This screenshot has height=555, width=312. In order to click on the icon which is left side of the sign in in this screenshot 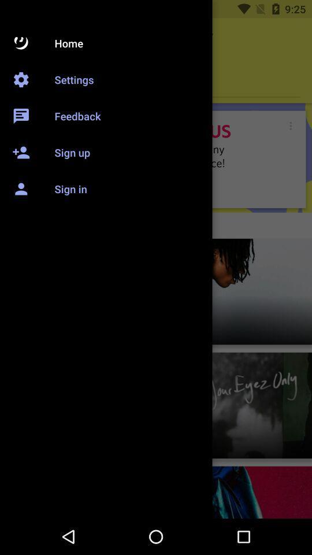, I will do `click(24, 183)`.